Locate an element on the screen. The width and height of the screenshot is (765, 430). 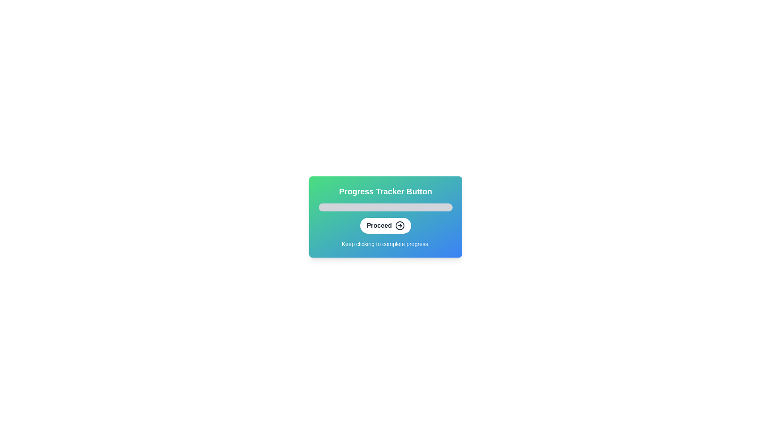
the progress bar located centrally beneath the 'Progress Tracker Button' and above the 'Proceed' button, which visually represents the status of a process is located at coordinates (386, 207).